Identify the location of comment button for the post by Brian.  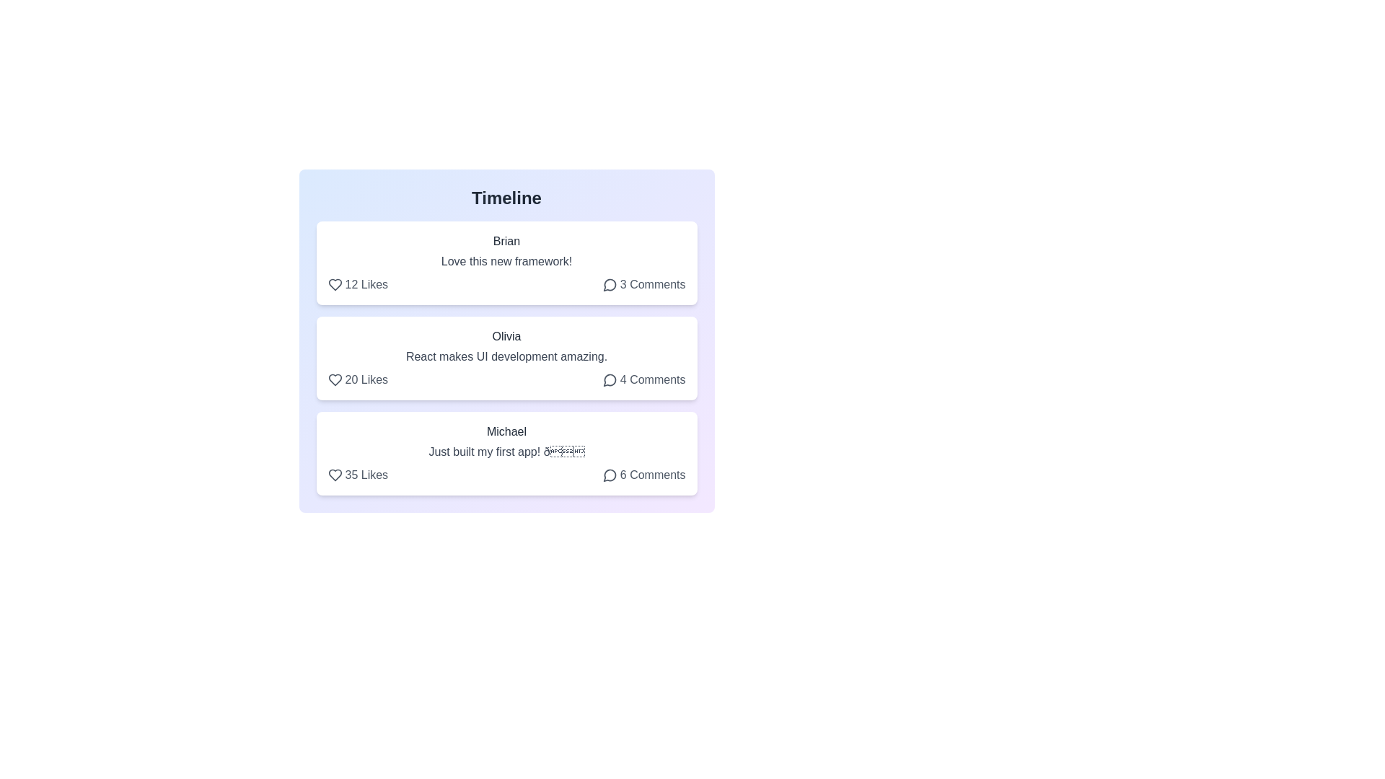
(643, 284).